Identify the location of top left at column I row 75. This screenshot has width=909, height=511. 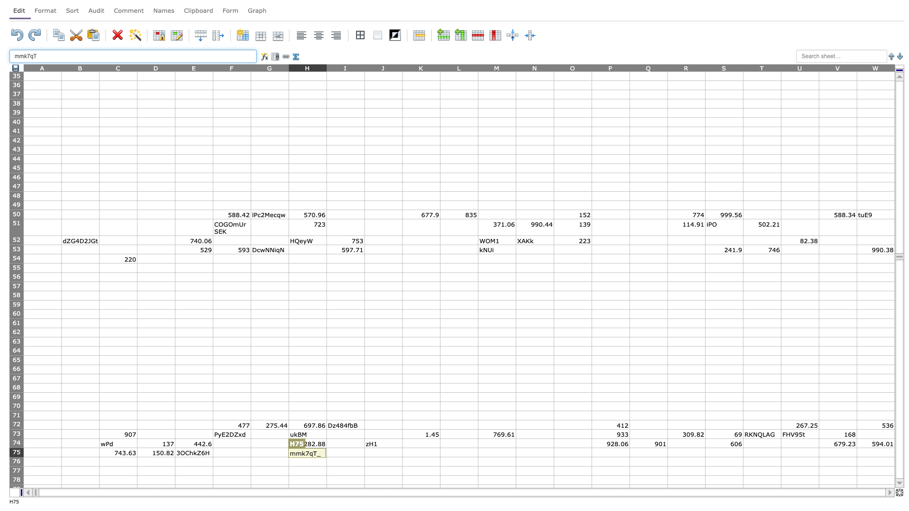
(327, 447).